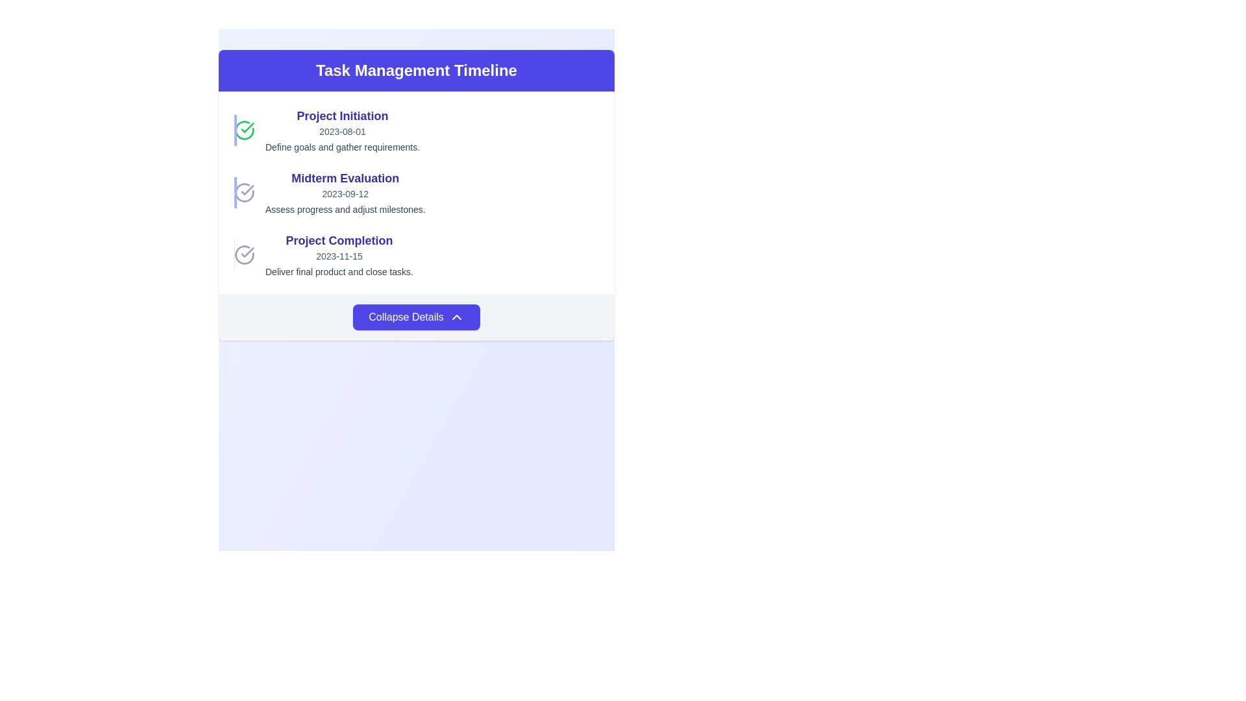  What do you see at coordinates (417, 317) in the screenshot?
I see `the rounded rectangular button with a purple background and white bold text "Collapse Details" to observe tooltip or visual feedback` at bounding box center [417, 317].